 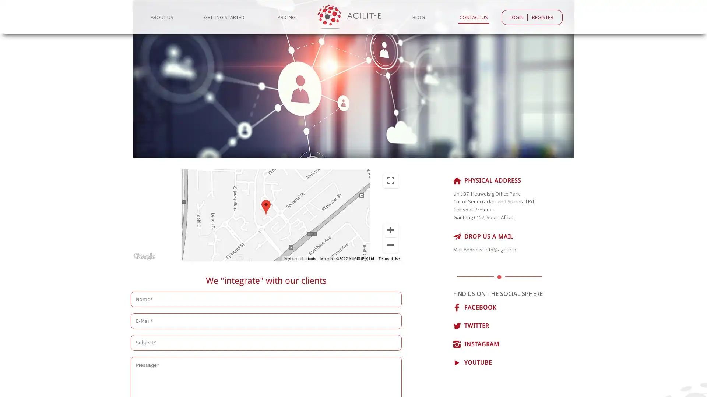 What do you see at coordinates (300, 258) in the screenshot?
I see `Keyboard shortcuts` at bounding box center [300, 258].